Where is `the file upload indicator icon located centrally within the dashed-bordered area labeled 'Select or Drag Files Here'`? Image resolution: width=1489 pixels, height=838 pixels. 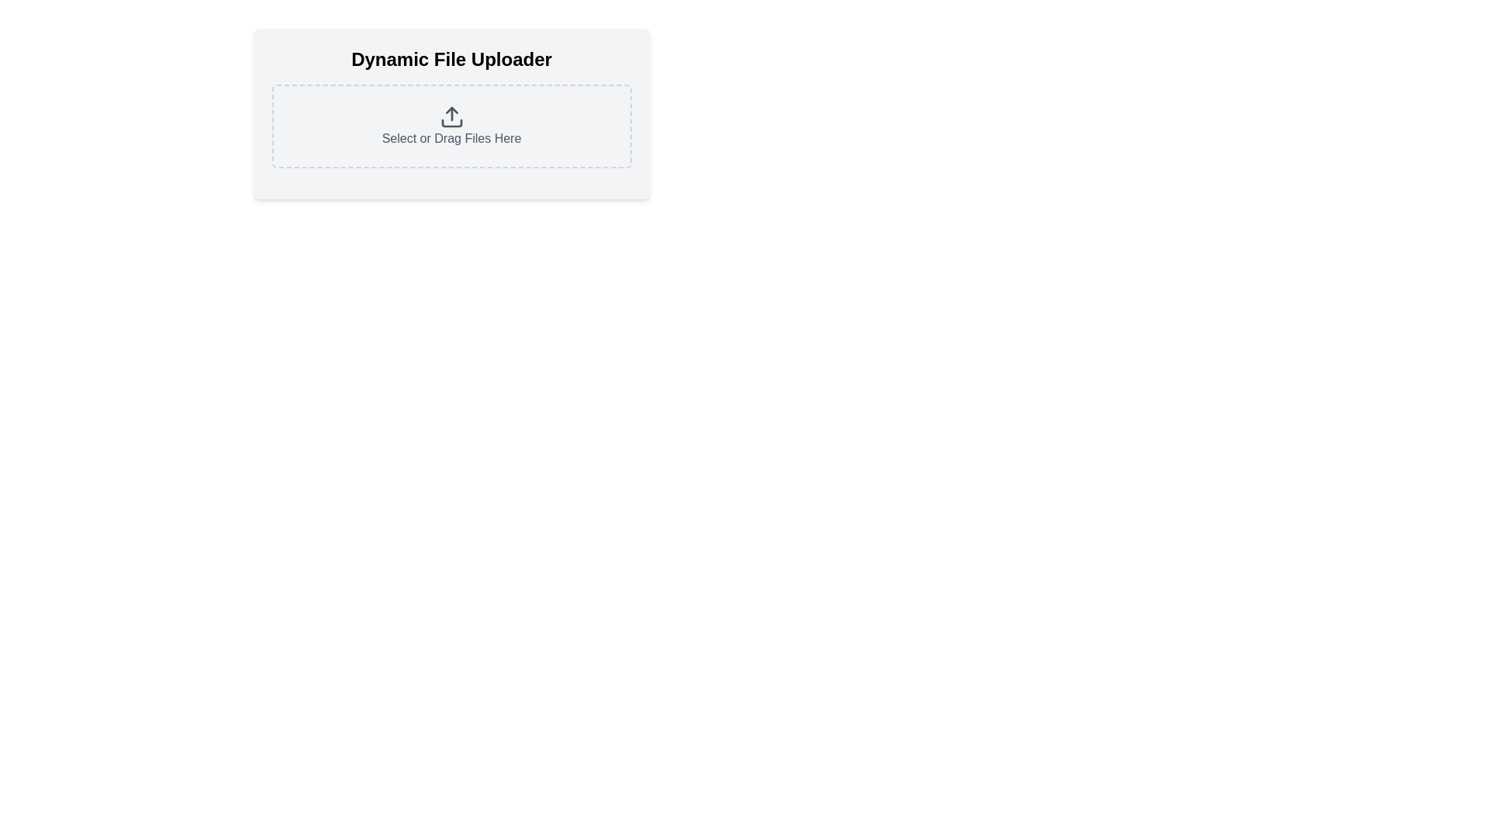 the file upload indicator icon located centrally within the dashed-bordered area labeled 'Select or Drag Files Here' is located at coordinates (451, 116).